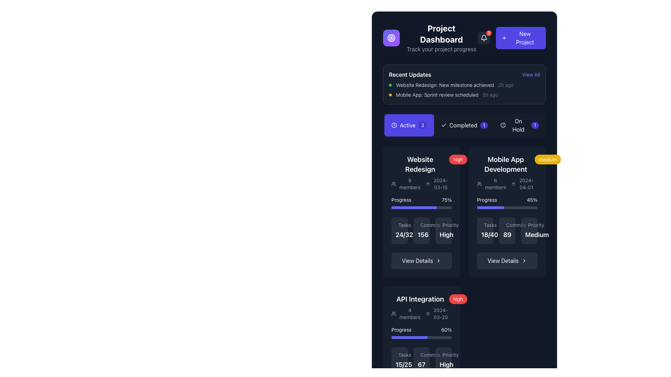 The image size is (671, 377). Describe the element at coordinates (421, 332) in the screenshot. I see `the completion percentage of the Progress Bar located in the 'API Integration' panel, which visually represents task progress with a numerical percentage displayed` at that location.